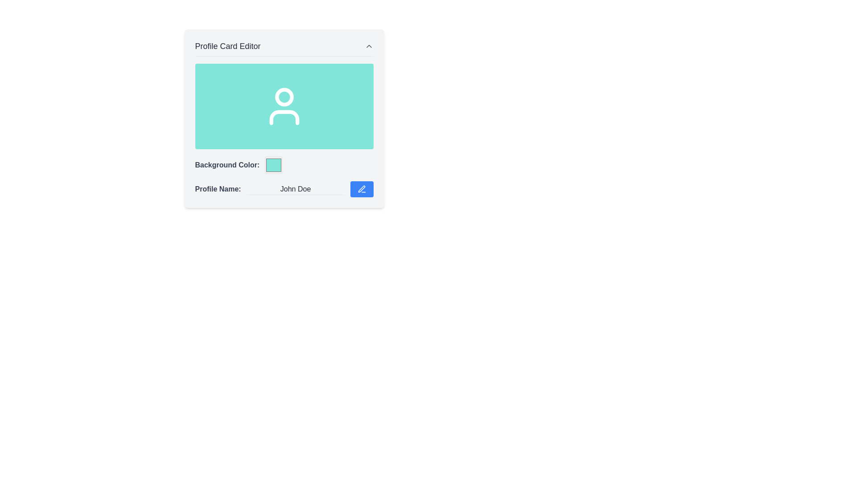 The width and height of the screenshot is (856, 481). What do you see at coordinates (362, 188) in the screenshot?
I see `the button located to the right of the text 'John Doe' in the 'Profile Name:' section` at bounding box center [362, 188].